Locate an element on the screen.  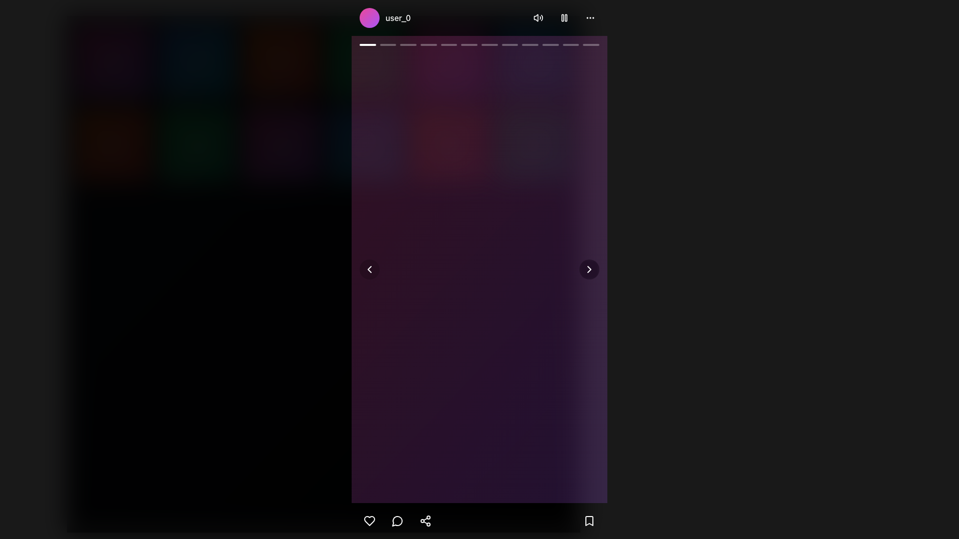
the left vertical bar of the pause icon located in the top right corner of the application to interact with the pause control is located at coordinates (562, 17).